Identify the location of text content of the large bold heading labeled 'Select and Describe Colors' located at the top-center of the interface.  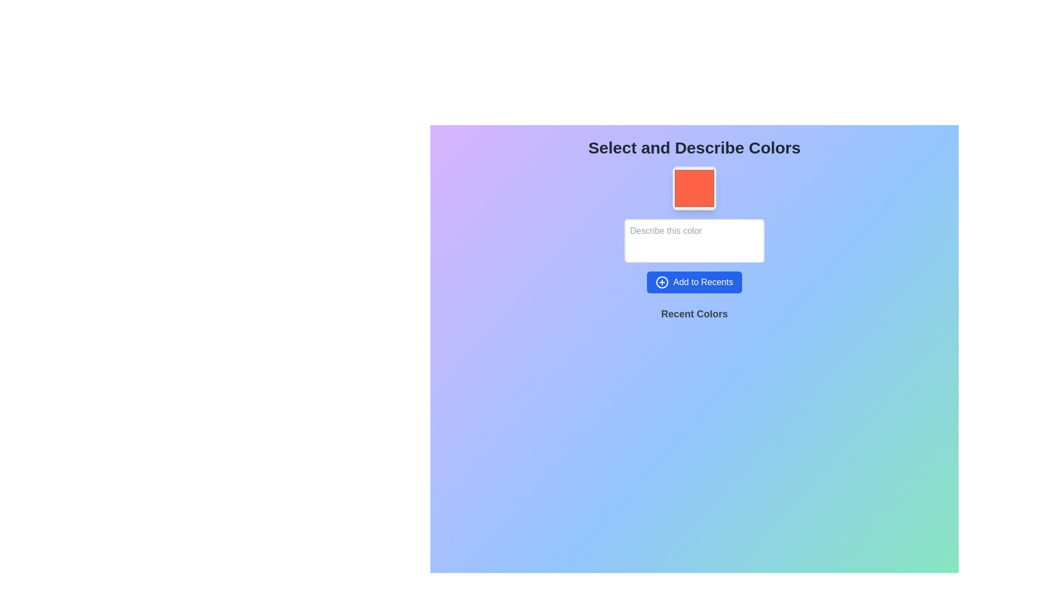
(694, 147).